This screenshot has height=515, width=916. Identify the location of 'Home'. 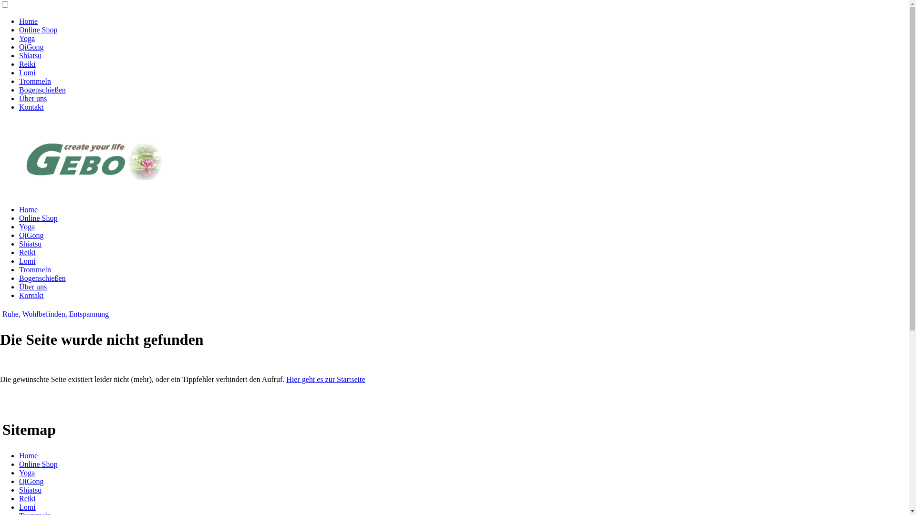
(28, 21).